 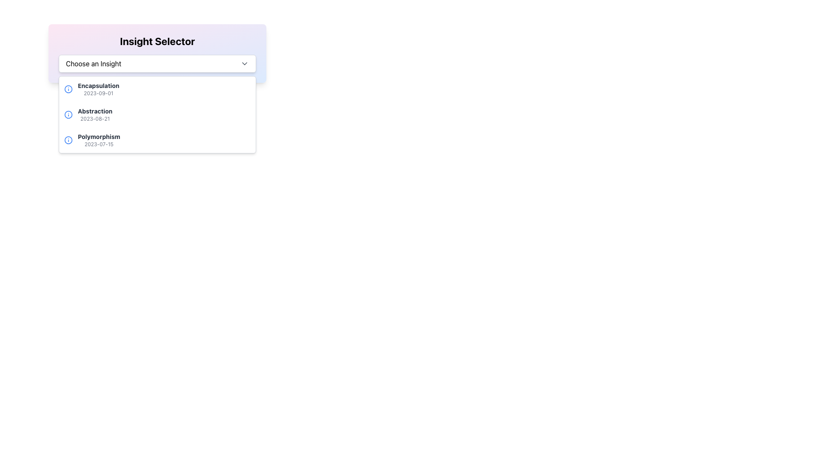 What do you see at coordinates (99, 136) in the screenshot?
I see `the 'Polymorphism' text label within the dropdown menu under the 'Insight Selector' header` at bounding box center [99, 136].